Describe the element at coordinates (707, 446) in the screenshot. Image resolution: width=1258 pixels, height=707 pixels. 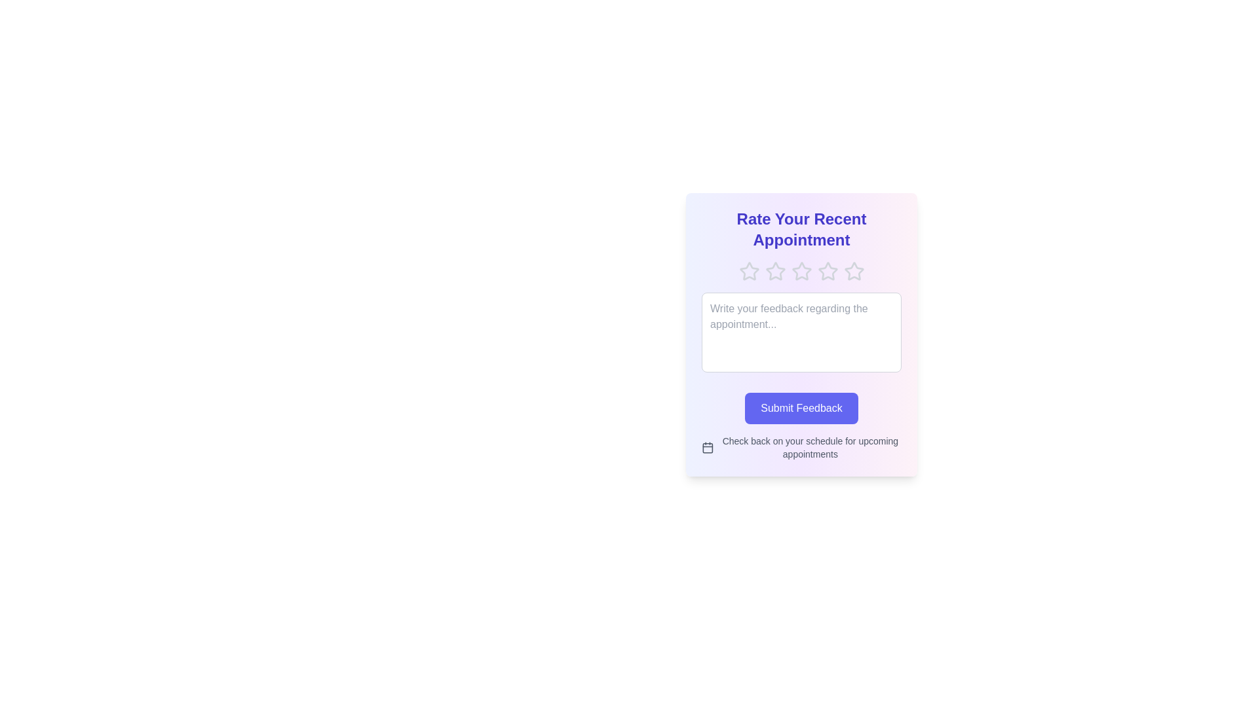
I see `the calendar icon` at that location.